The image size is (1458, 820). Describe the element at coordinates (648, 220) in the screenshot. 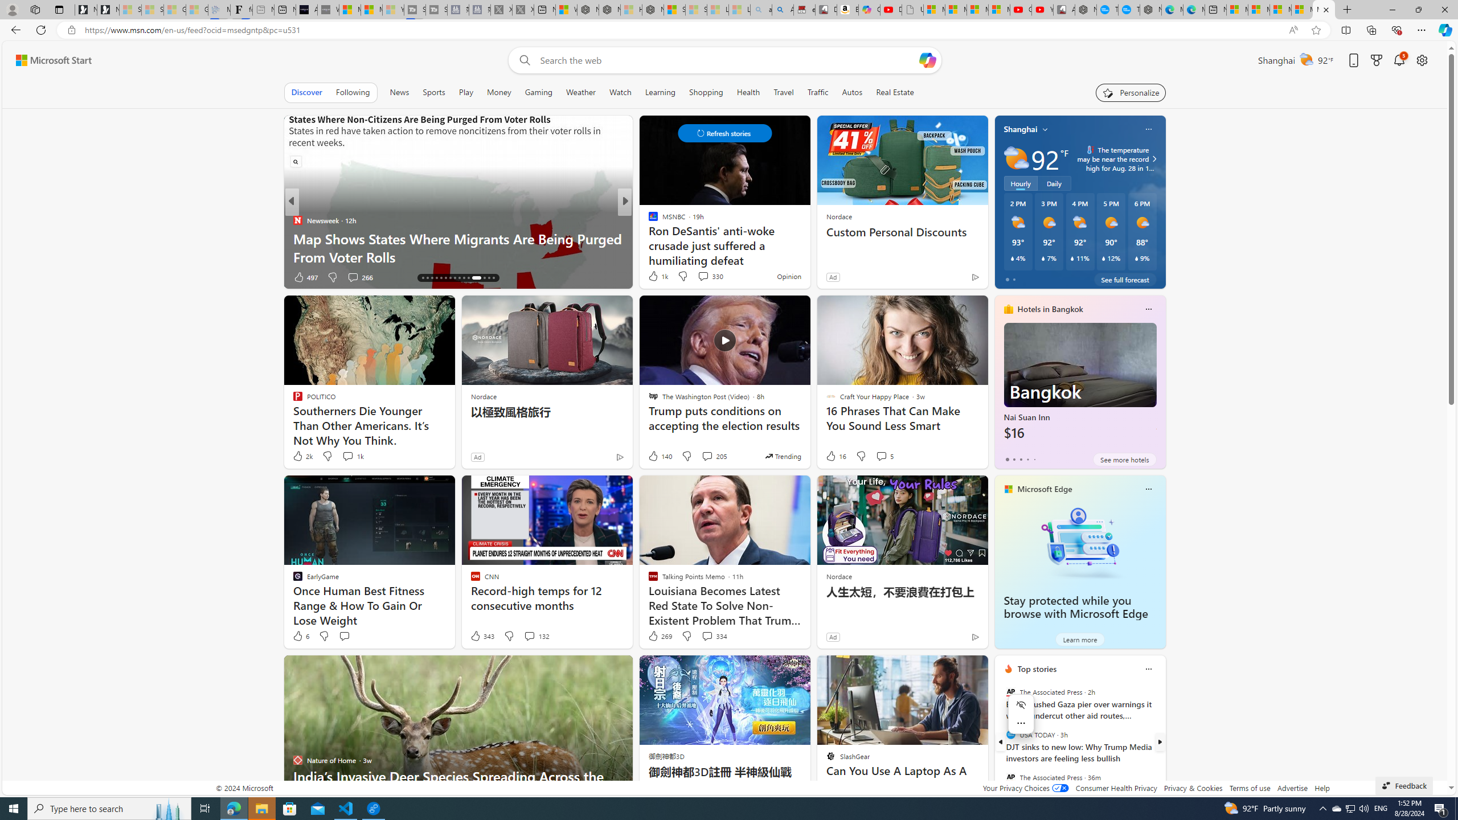

I see `'ABC News'` at that location.